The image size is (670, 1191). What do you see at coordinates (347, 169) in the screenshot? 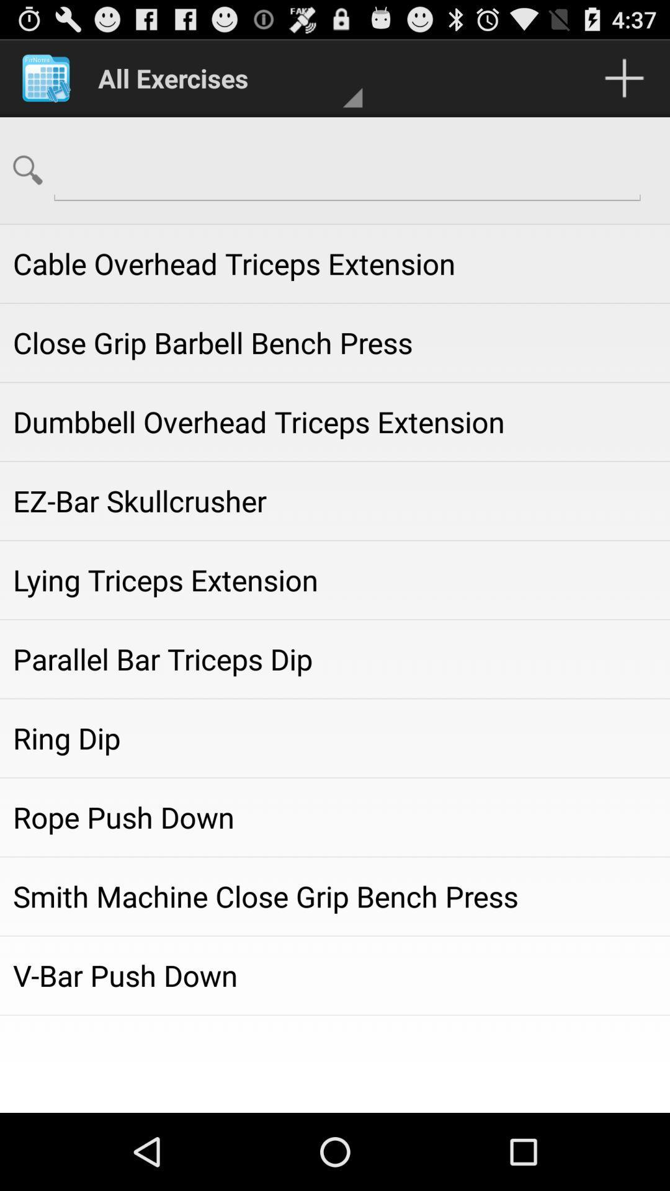
I see `the field which is towards the right of search icon` at bounding box center [347, 169].